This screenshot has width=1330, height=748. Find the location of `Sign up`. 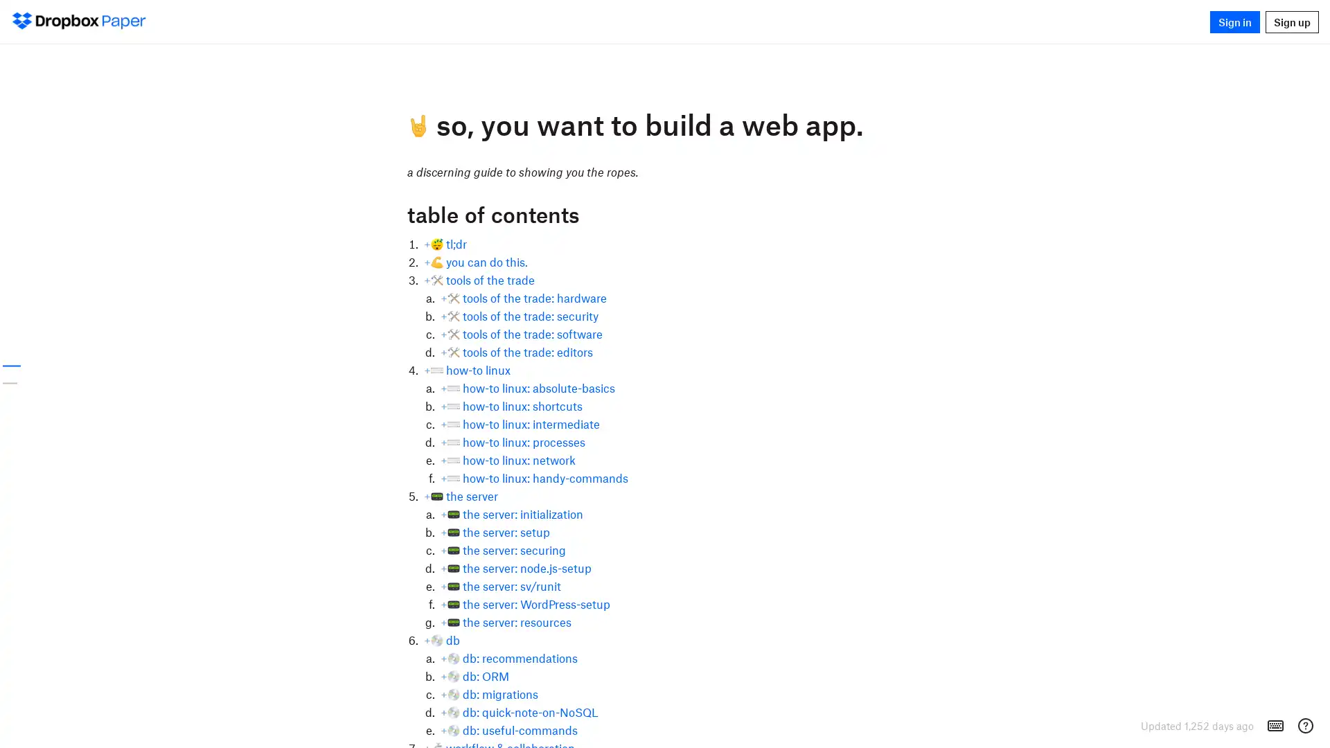

Sign up is located at coordinates (1291, 21).